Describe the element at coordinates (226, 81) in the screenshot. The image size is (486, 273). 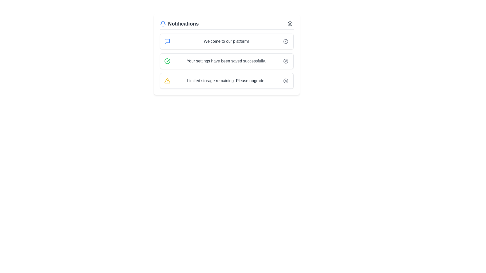
I see `the third notification text label within the notification panel that conveys a warning about low storage, which is characterized by a light yellow background and is located adjacent to a warning icon` at that location.